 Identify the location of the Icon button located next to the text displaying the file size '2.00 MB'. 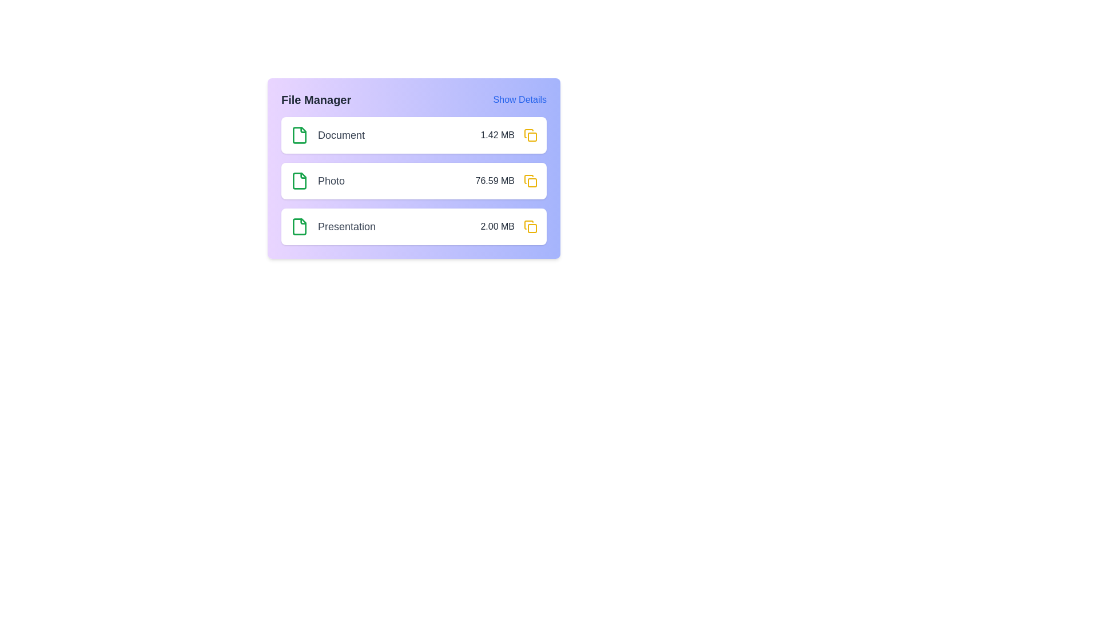
(530, 227).